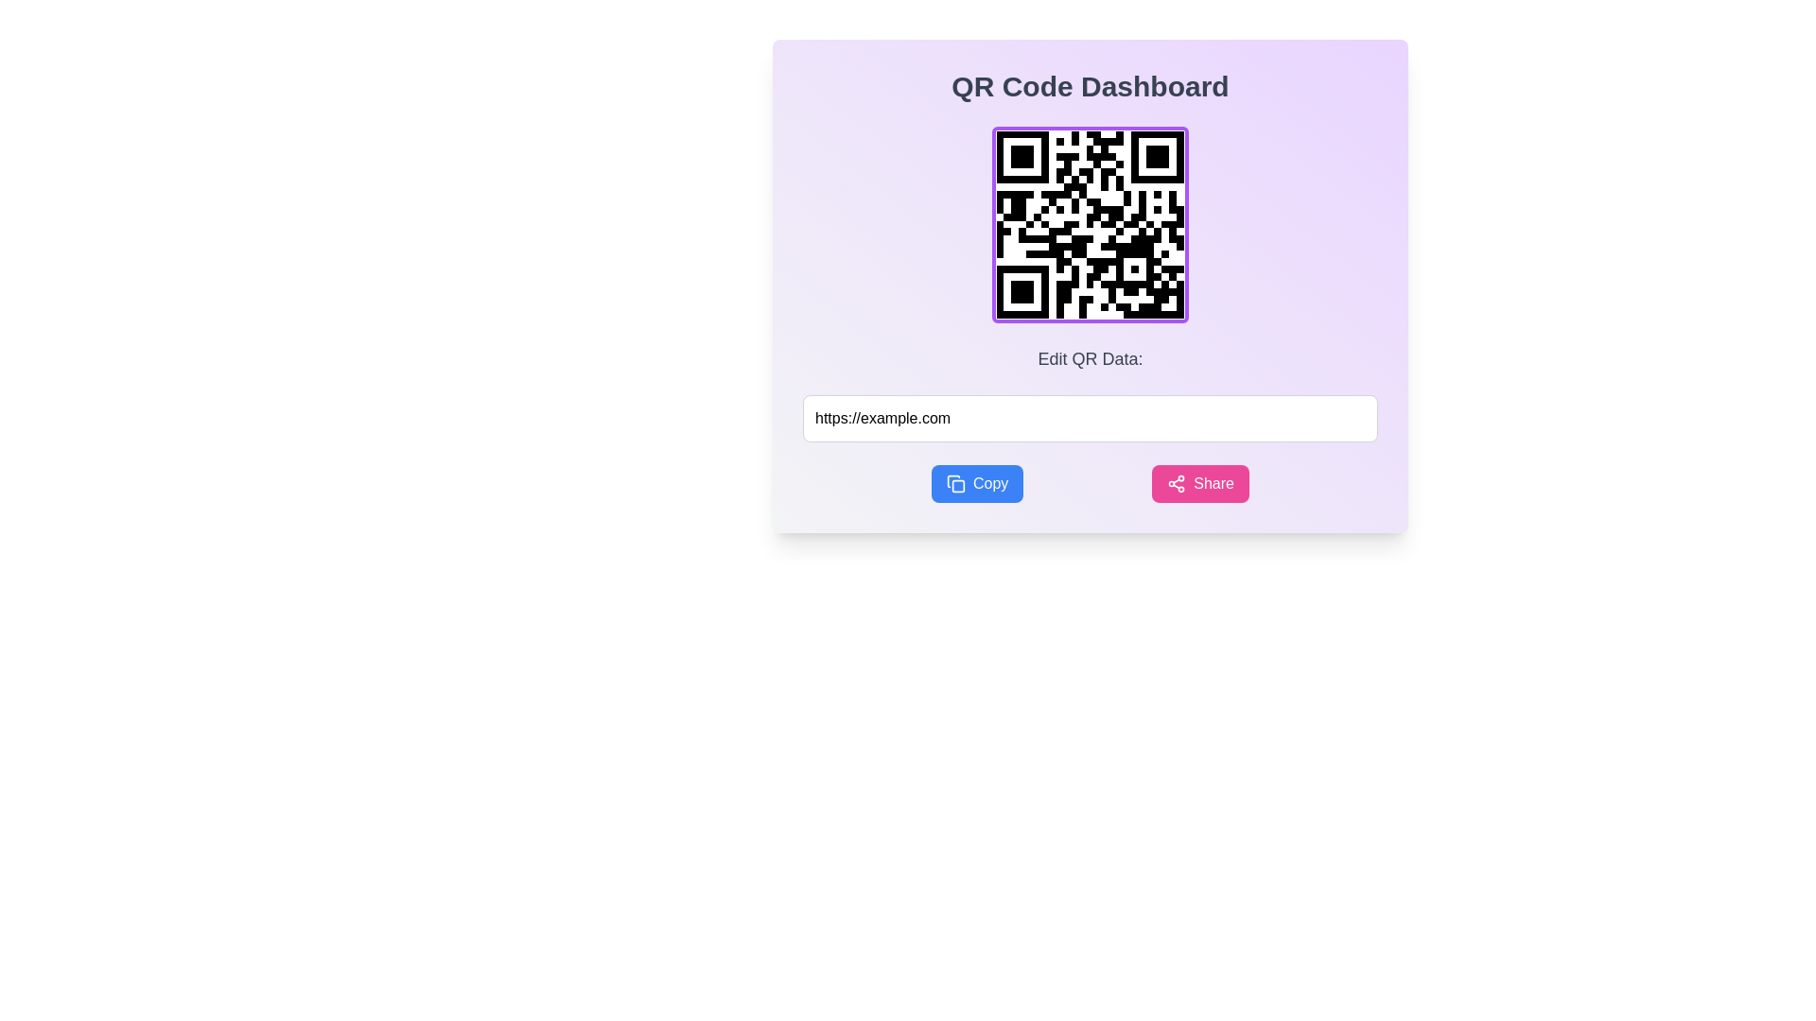  Describe the element at coordinates (1090, 359) in the screenshot. I see `the text label displaying 'Edit QR Data:' which is styled with a larger font size and gray color, located below the QR code image and above the text input field` at that location.